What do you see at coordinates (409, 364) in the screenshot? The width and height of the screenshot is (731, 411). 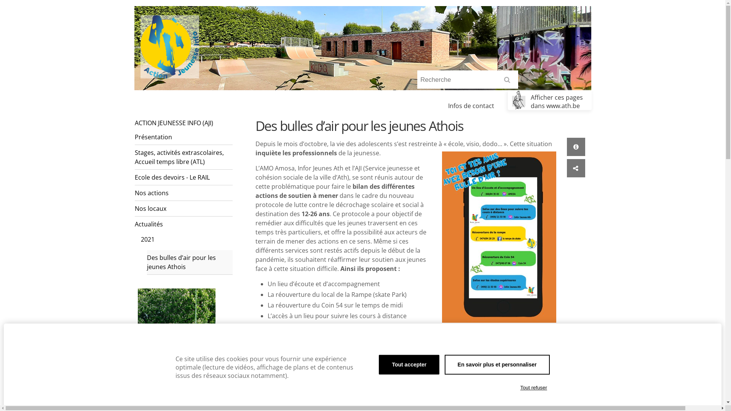 I see `'Tout accepter'` at bounding box center [409, 364].